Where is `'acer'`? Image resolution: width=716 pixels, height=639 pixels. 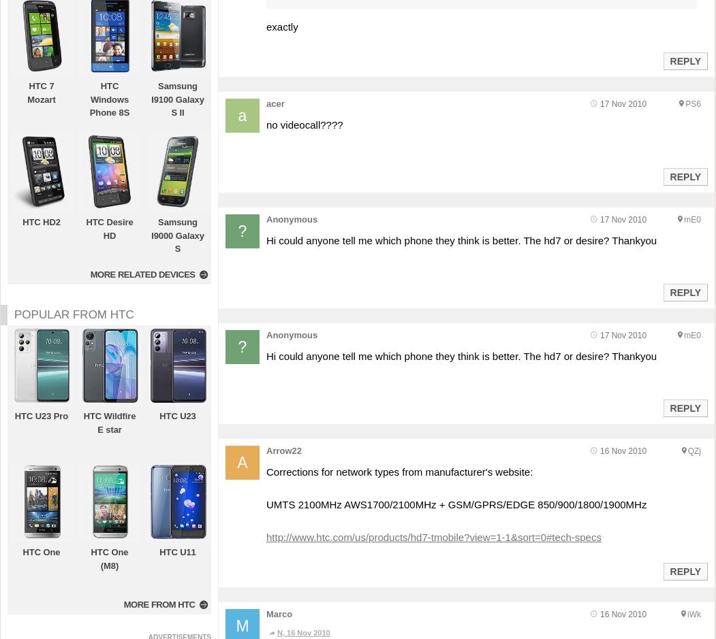
'acer' is located at coordinates (265, 103).